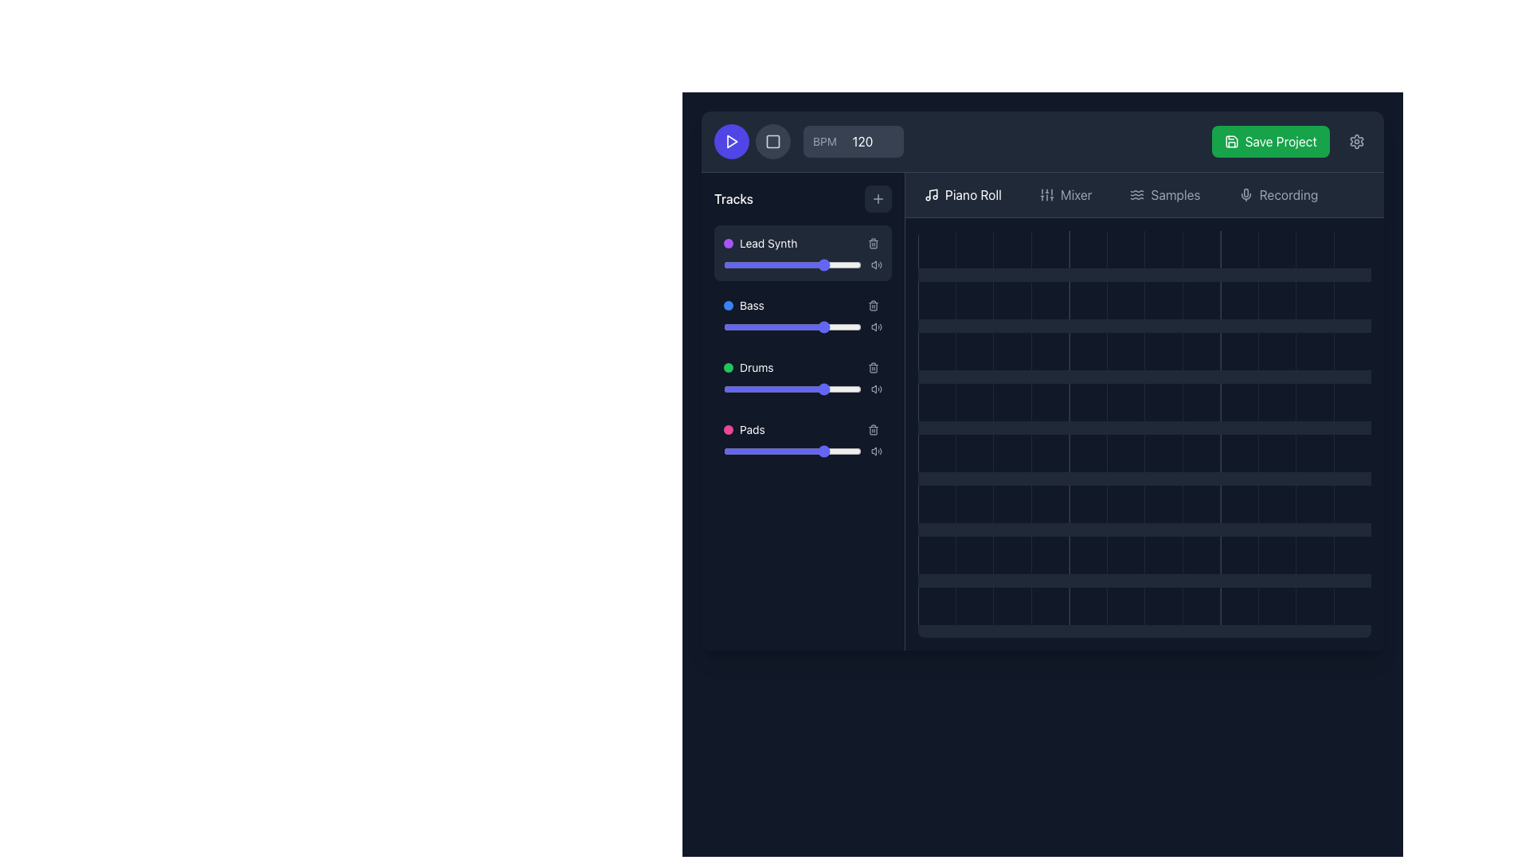 This screenshot has height=860, width=1529. I want to click on label 'Drums' which identifies the third track in the music composition interface, located in the left-hand 'Tracks' panel, so click(748, 368).